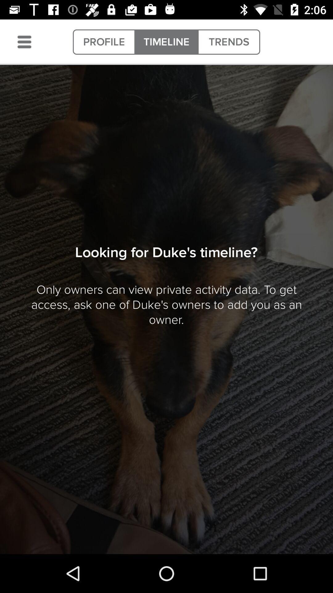 Image resolution: width=333 pixels, height=593 pixels. I want to click on item to the left of the timeline item, so click(104, 42).